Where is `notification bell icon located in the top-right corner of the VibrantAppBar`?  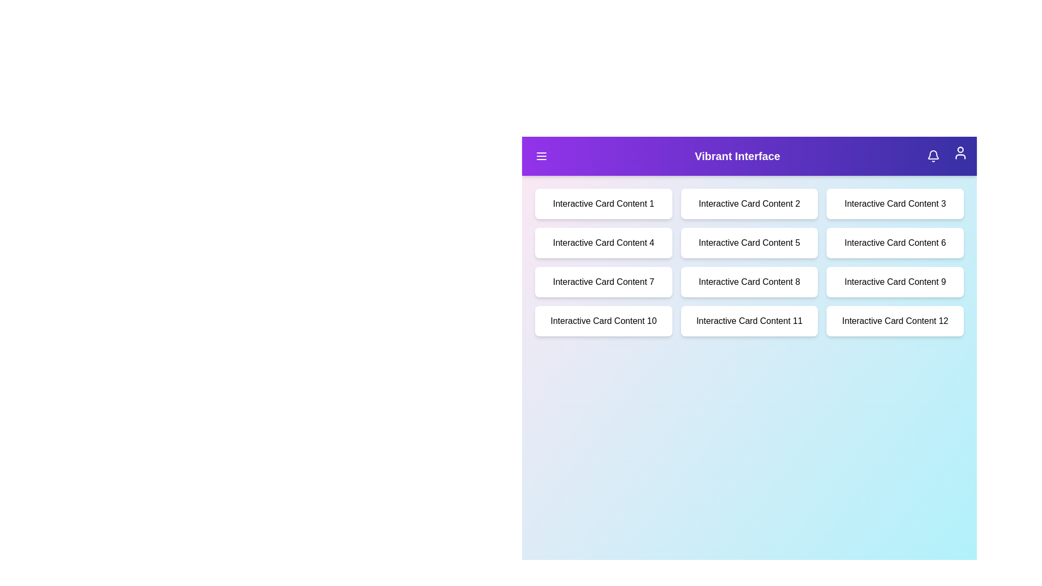 notification bell icon located in the top-right corner of the VibrantAppBar is located at coordinates (932, 156).